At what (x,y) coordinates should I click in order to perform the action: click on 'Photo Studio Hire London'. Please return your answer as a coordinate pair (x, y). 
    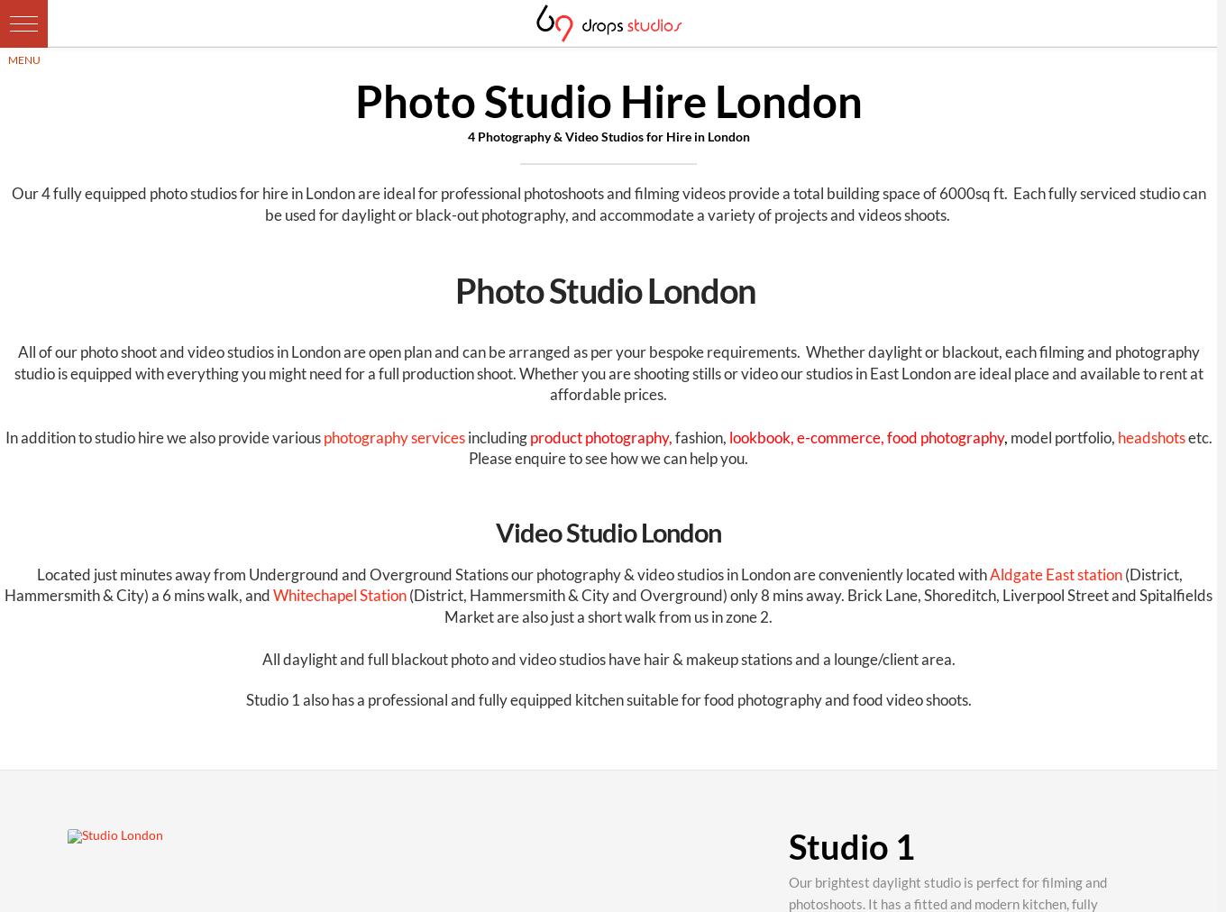
    Looking at the image, I should click on (354, 99).